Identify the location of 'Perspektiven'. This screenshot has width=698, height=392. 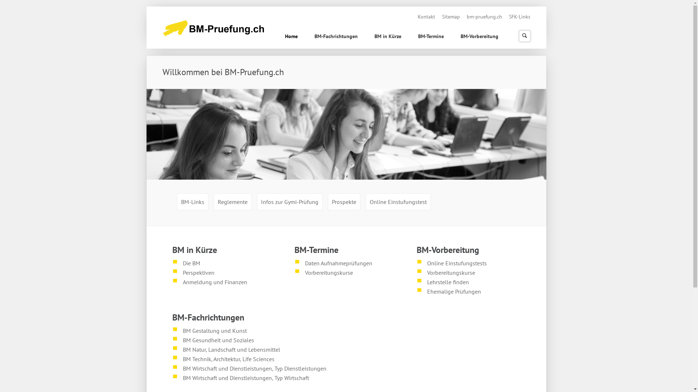
(198, 273).